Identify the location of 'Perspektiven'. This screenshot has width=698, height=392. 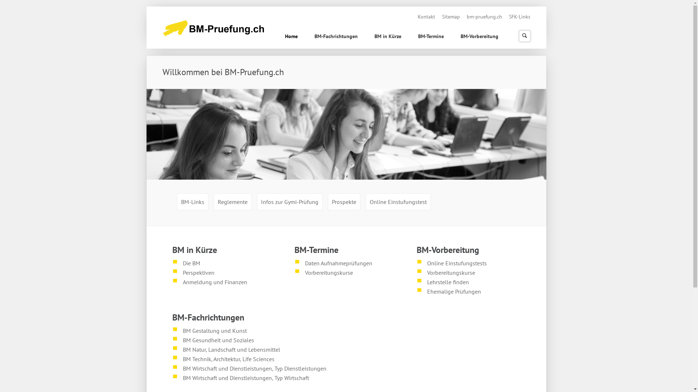
(198, 273).